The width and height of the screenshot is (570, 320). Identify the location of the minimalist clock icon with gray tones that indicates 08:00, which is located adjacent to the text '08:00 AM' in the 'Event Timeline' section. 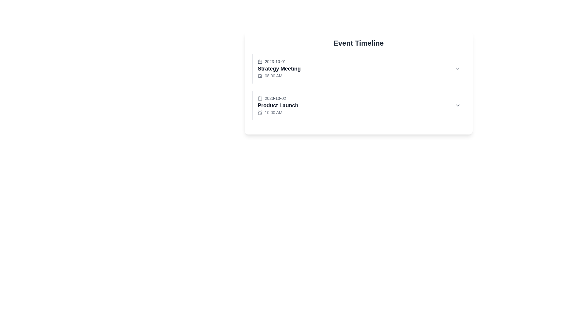
(260, 75).